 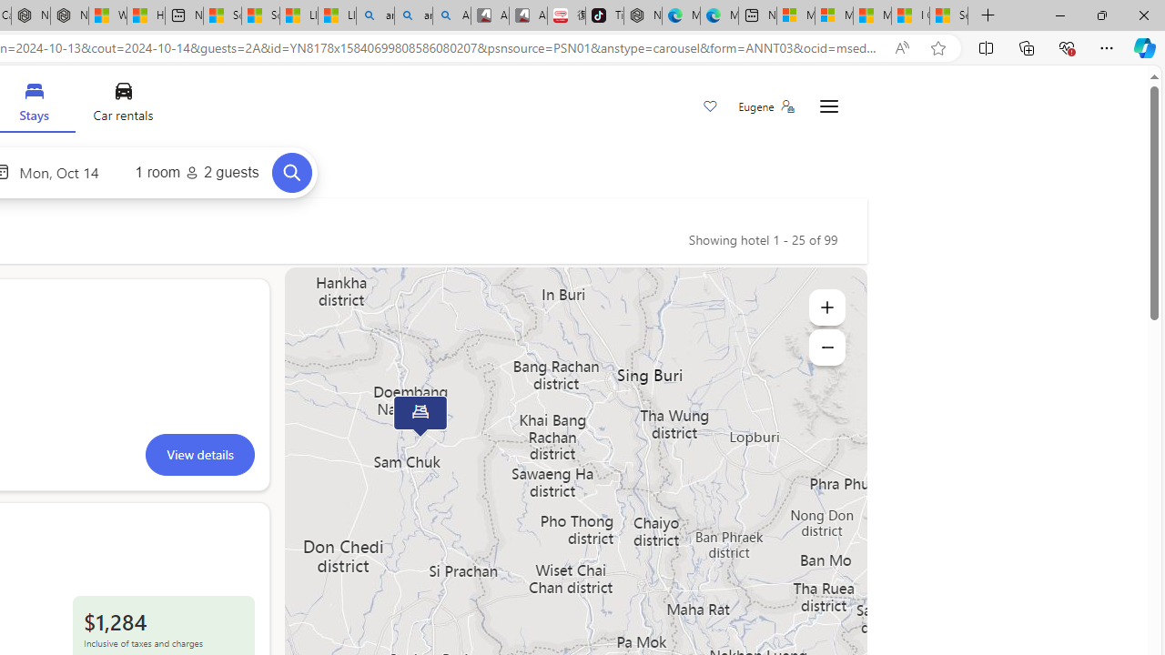 I want to click on 'amazon - Search', so click(x=374, y=15).